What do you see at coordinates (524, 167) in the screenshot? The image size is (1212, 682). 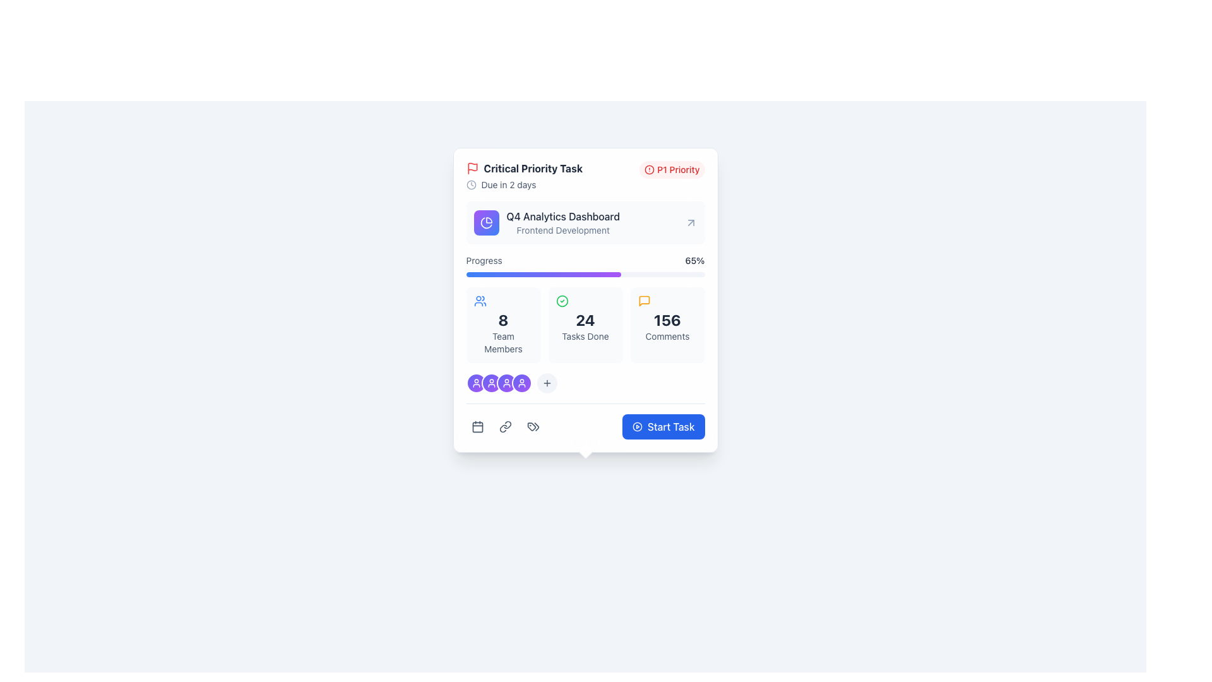 I see `text of the high priority task title label located at the top-left corner of the card layout` at bounding box center [524, 167].